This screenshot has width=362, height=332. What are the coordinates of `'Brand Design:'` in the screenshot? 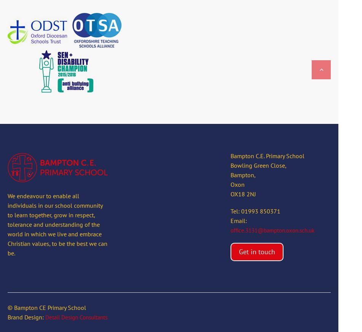 It's located at (26, 317).